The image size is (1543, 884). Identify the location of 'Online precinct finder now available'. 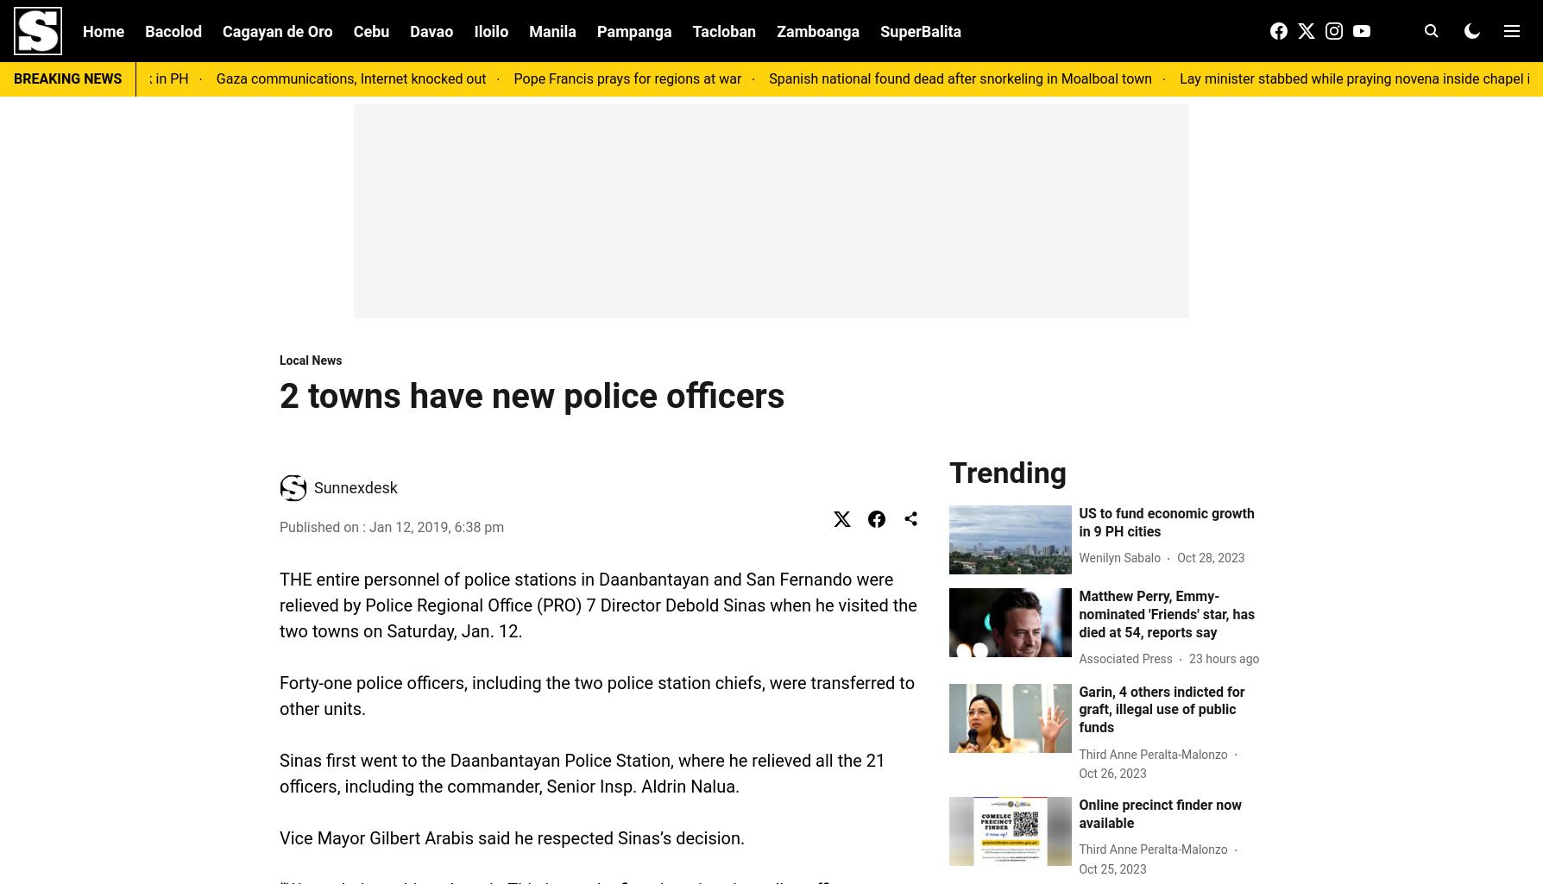
(1160, 813).